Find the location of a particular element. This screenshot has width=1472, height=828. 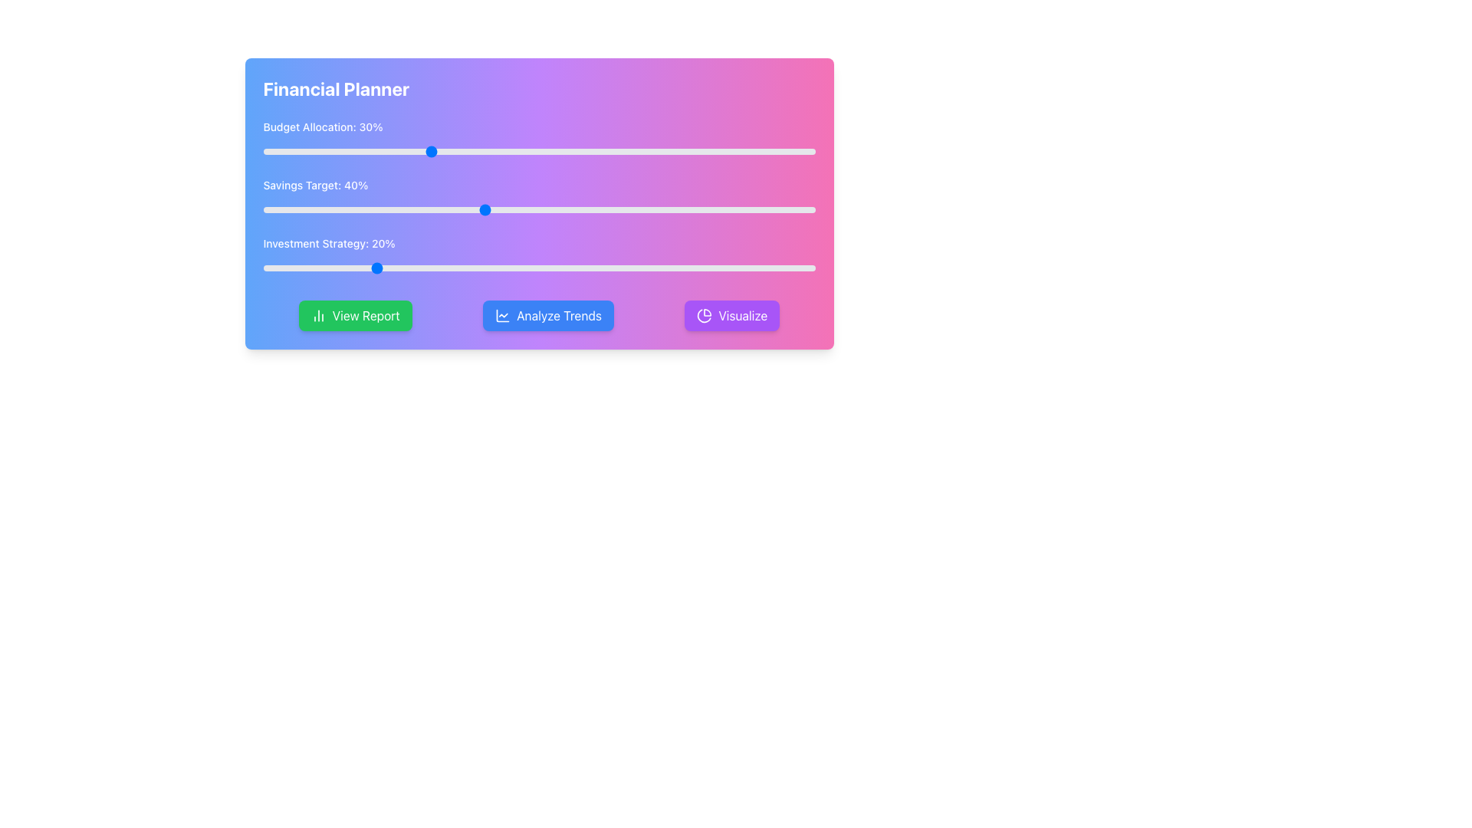

the report icon located at the leftmost part of the green button labeled 'View Report' on the bottom left of the colorful card component is located at coordinates (317, 315).